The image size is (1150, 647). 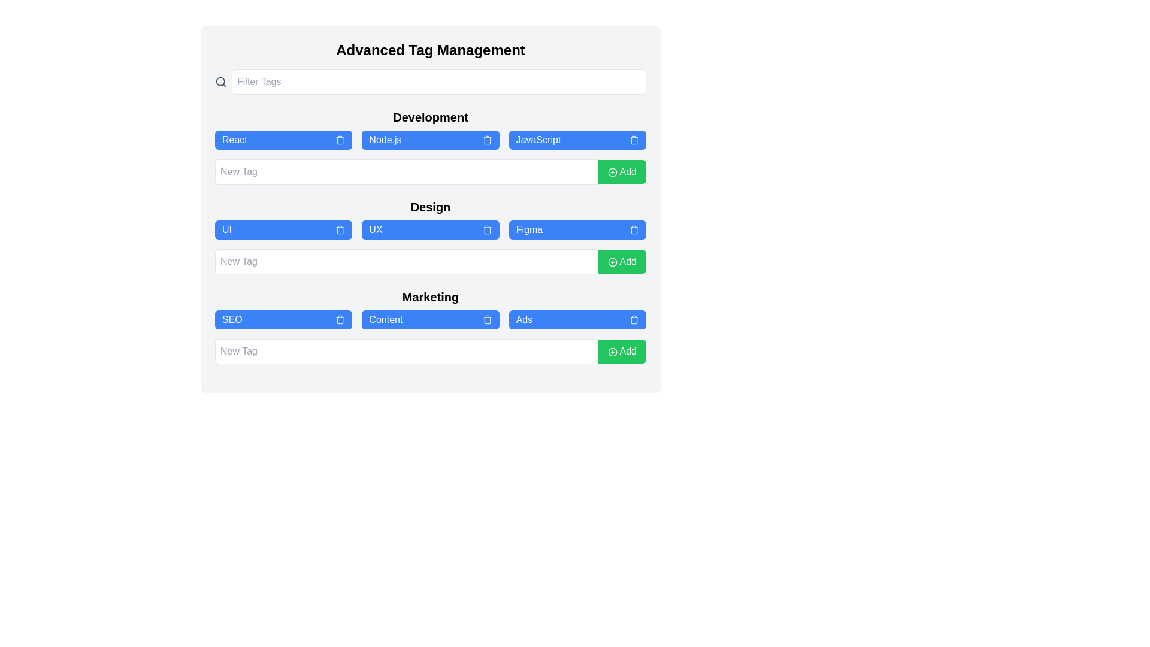 I want to click on the 'Node.js' tag label located in the 'Development' section, positioned between the 'React' tag on the left and the 'JavaScript' tag on the right, so click(x=385, y=140).